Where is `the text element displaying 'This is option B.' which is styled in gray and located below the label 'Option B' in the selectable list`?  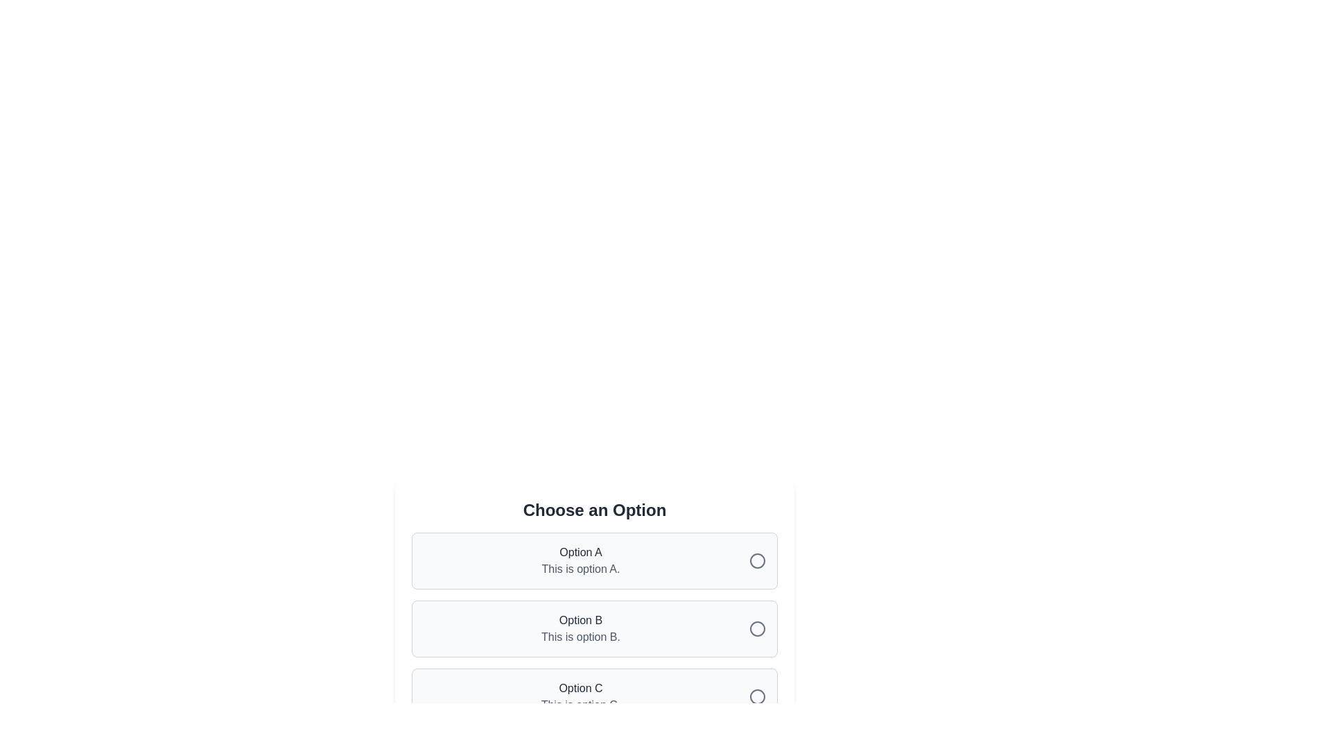
the text element displaying 'This is option B.' which is styled in gray and located below the label 'Option B' in the selectable list is located at coordinates (581, 637).